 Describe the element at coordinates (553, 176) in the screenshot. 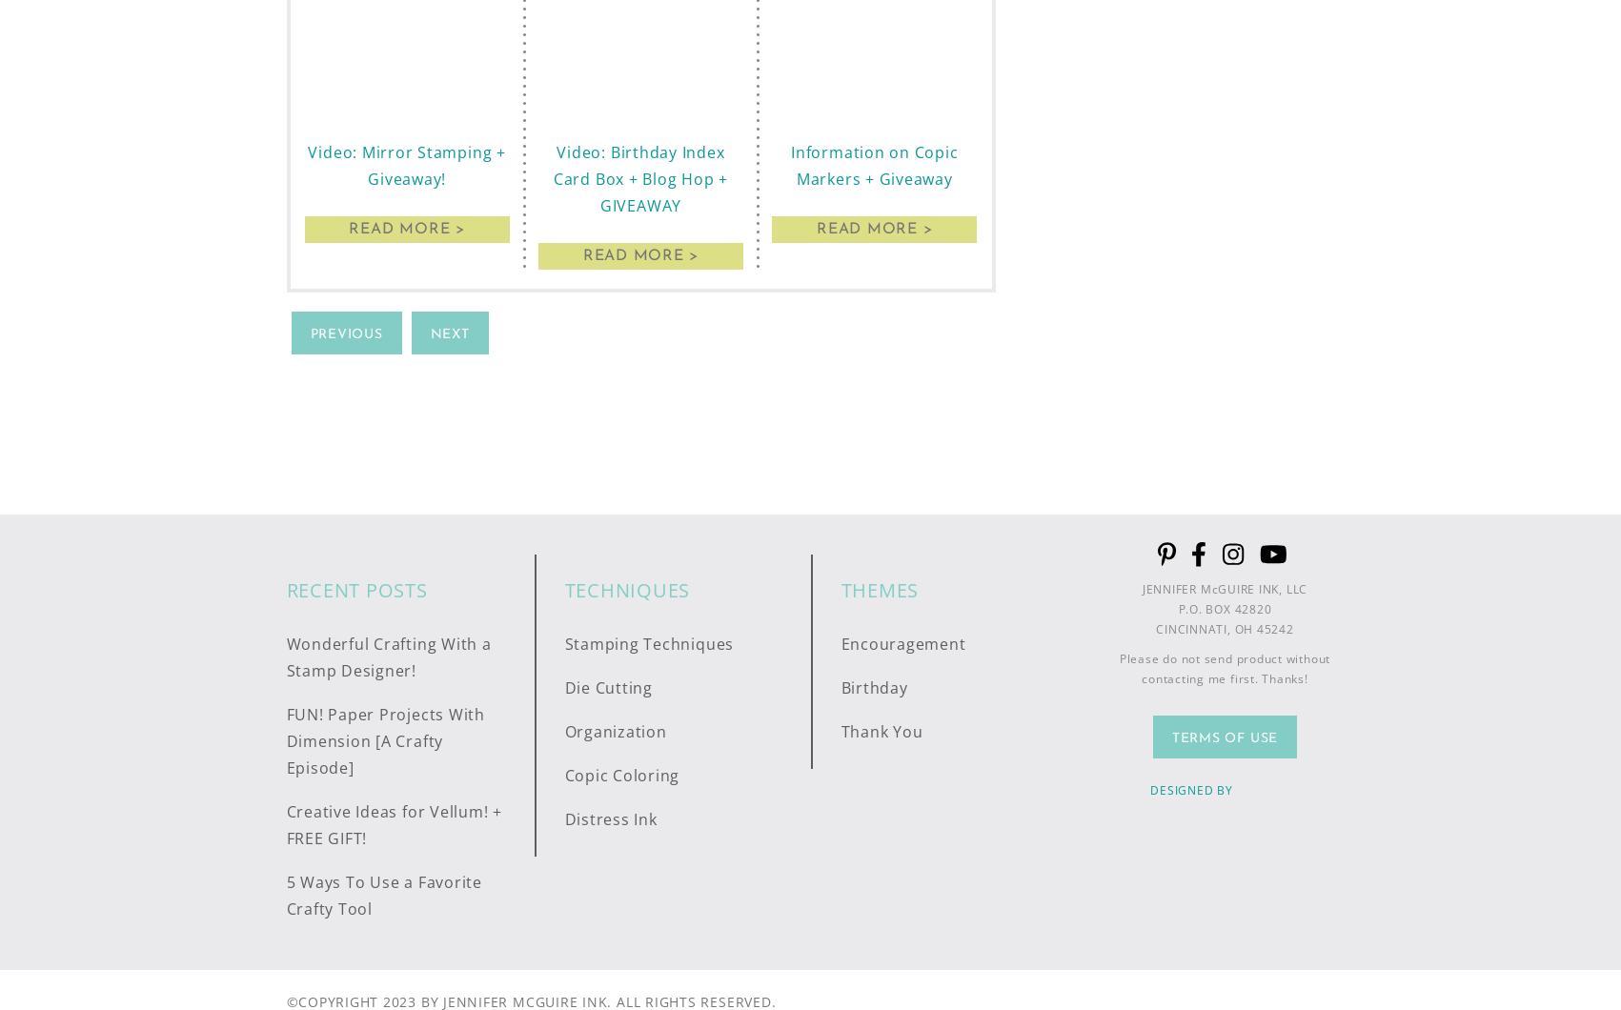

I see `'Video: Birthday Index Card Box + Blog Hop + GIVEAWAY'` at that location.